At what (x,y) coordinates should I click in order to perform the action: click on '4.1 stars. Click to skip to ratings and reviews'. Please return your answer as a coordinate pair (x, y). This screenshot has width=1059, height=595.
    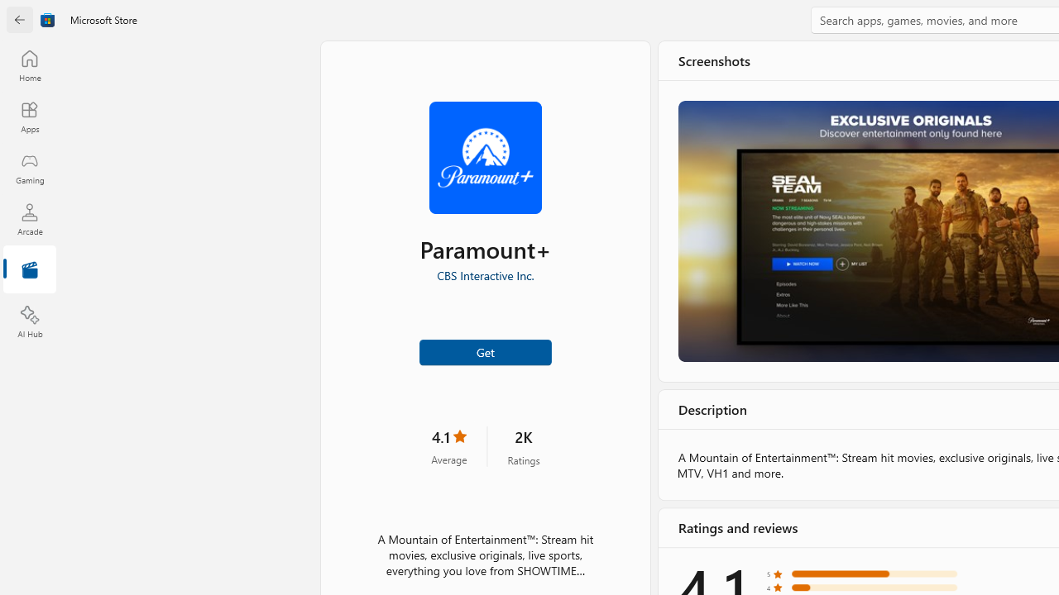
    Looking at the image, I should click on (448, 446).